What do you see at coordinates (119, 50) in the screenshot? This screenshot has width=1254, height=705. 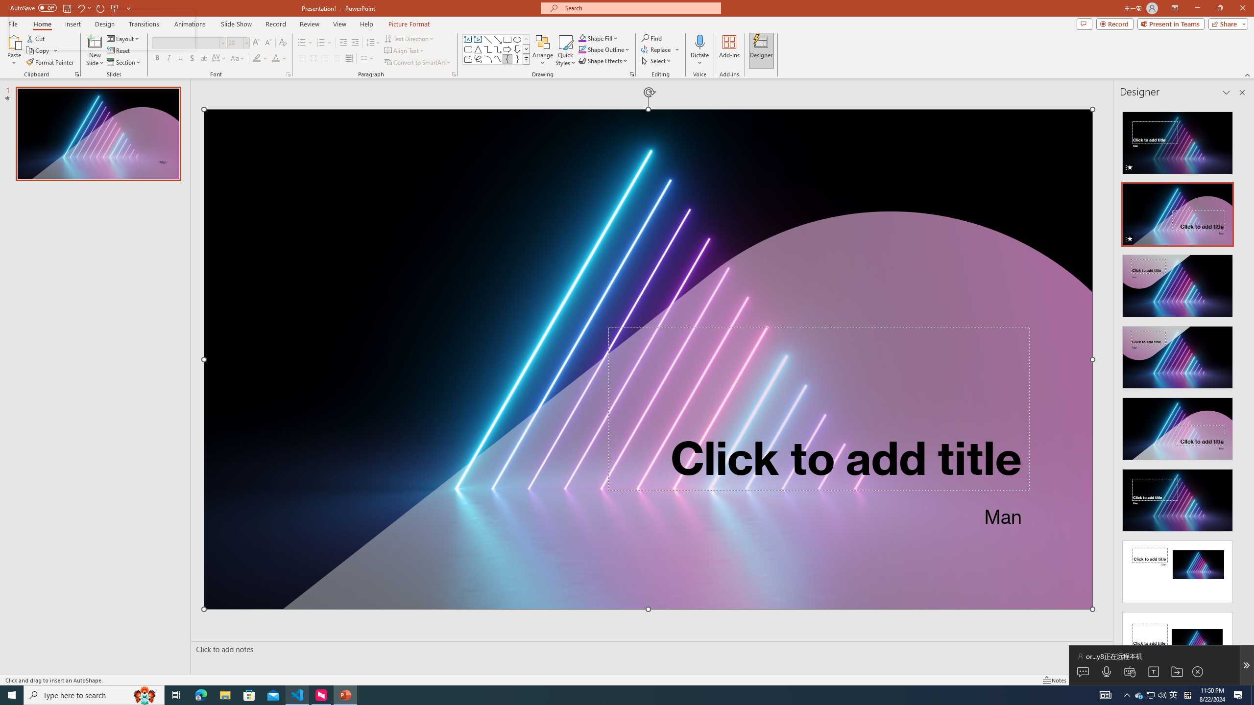 I see `'Reset'` at bounding box center [119, 50].